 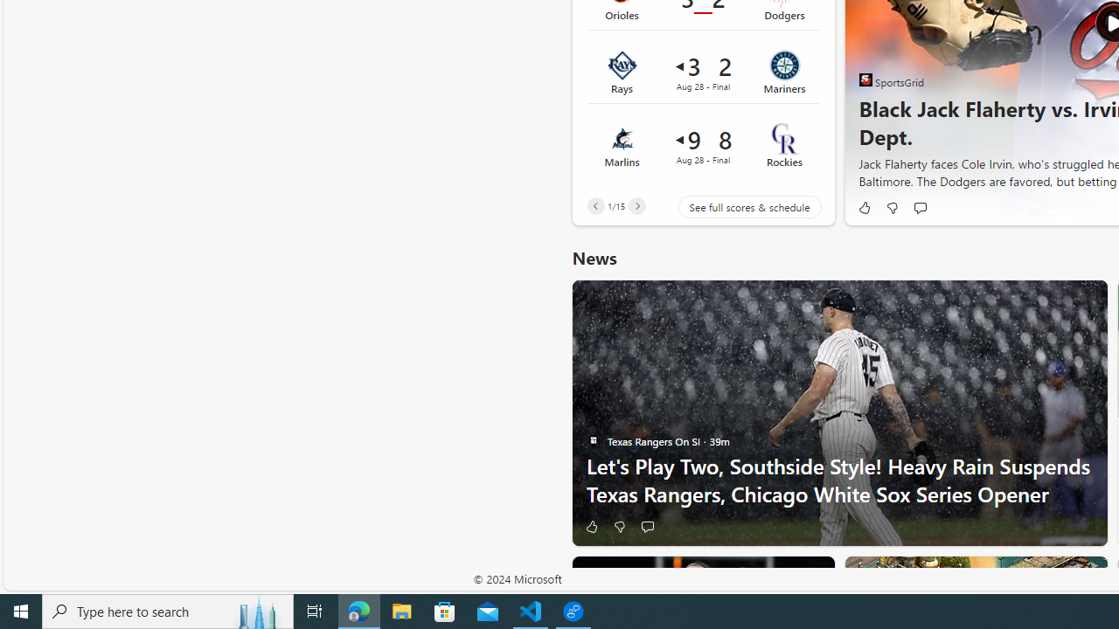 I want to click on 'Rays 3 vs Mariners 2Final Date Aug 28', so click(x=703, y=72).